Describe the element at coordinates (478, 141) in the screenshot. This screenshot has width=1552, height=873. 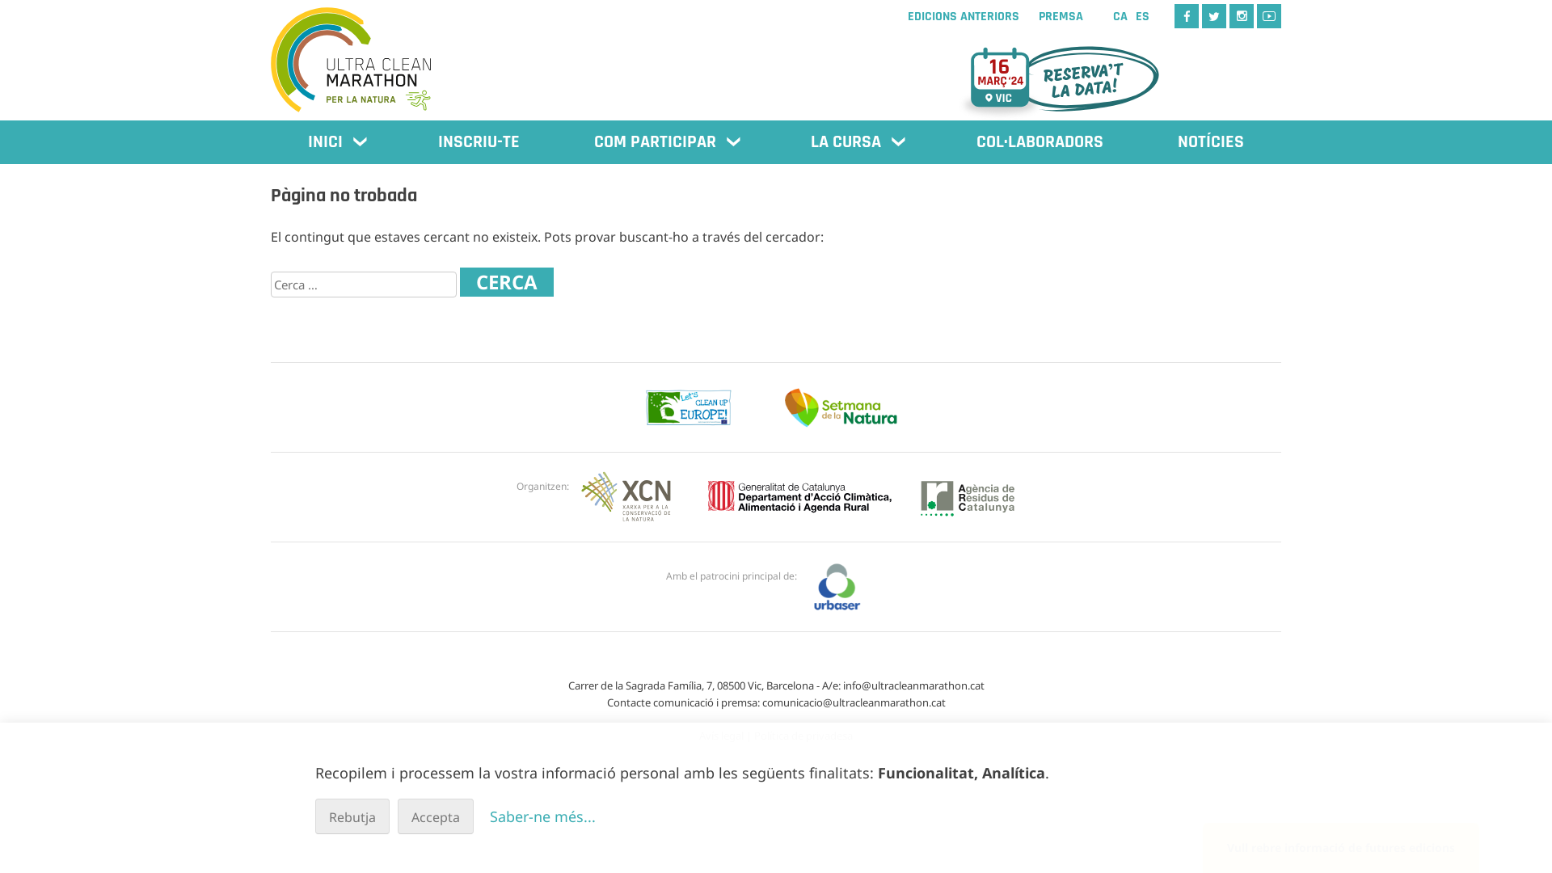
I see `'INSCRIU-TE'` at that location.